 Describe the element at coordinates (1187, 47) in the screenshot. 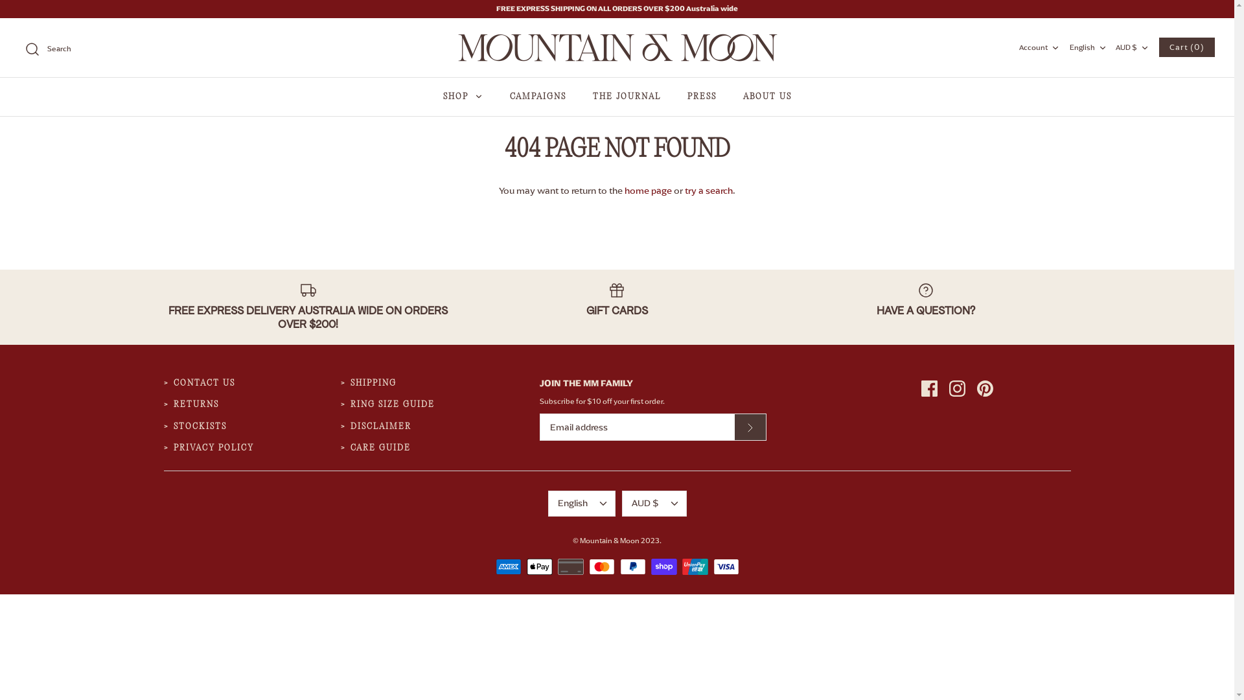

I see `'Cart (0)'` at that location.